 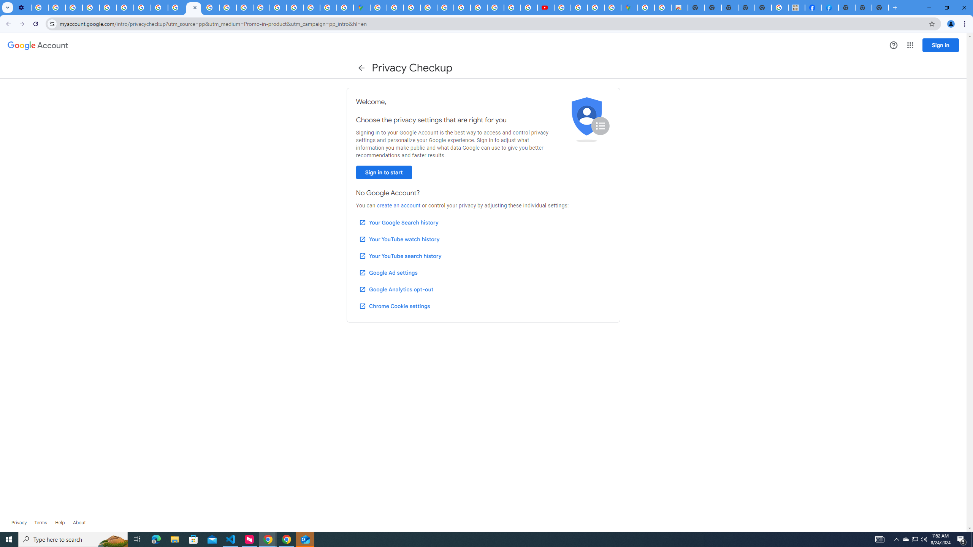 What do you see at coordinates (37, 45) in the screenshot?
I see `'Google Account settings'` at bounding box center [37, 45].